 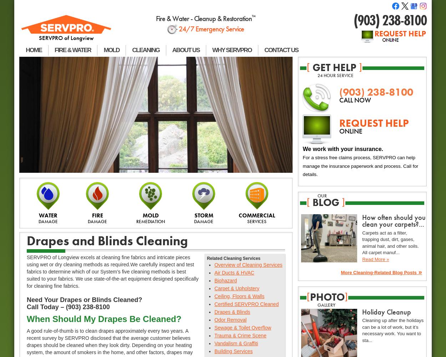 I want to click on 'get help', so click(x=334, y=67).